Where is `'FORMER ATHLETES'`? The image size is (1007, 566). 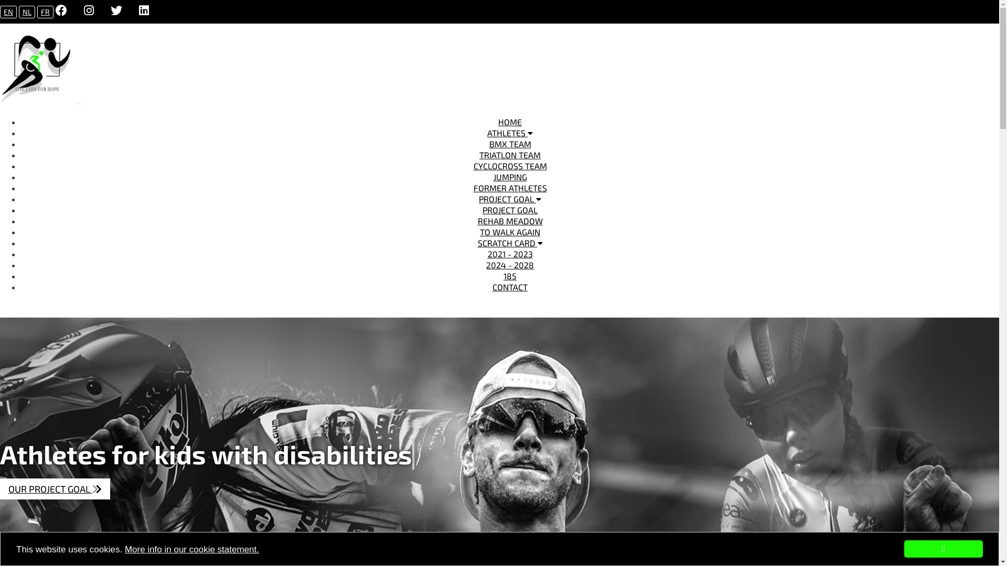 'FORMER ATHLETES' is located at coordinates (509, 187).